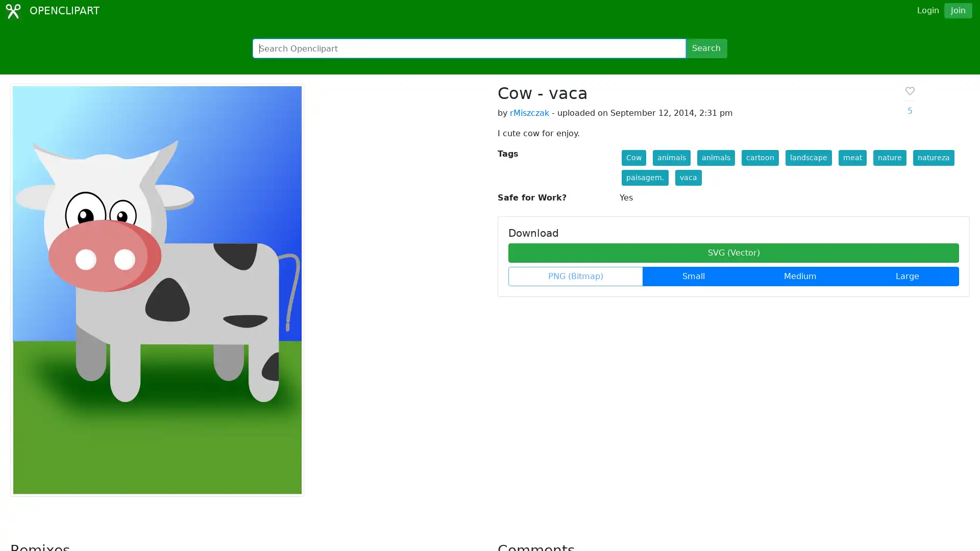 The width and height of the screenshot is (980, 551). What do you see at coordinates (852, 158) in the screenshot?
I see `meat` at bounding box center [852, 158].